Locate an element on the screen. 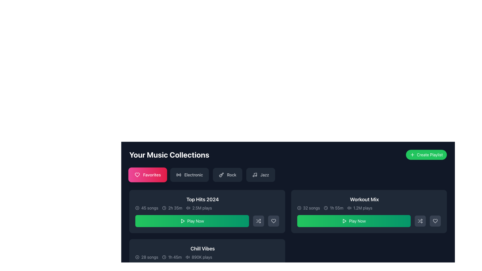 The image size is (482, 271). the text label indicating the total number of songs in the 'Workout Mix' playlist, which is located in the header of the card, adjacent to the duration indicator and above the 'Play Now' button is located at coordinates (308, 208).